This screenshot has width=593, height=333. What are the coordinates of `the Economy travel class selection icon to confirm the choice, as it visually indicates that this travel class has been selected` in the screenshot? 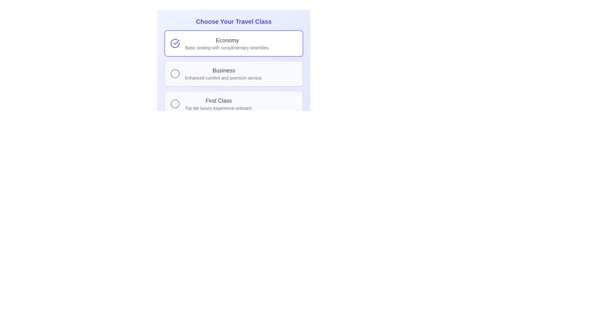 It's located at (175, 43).